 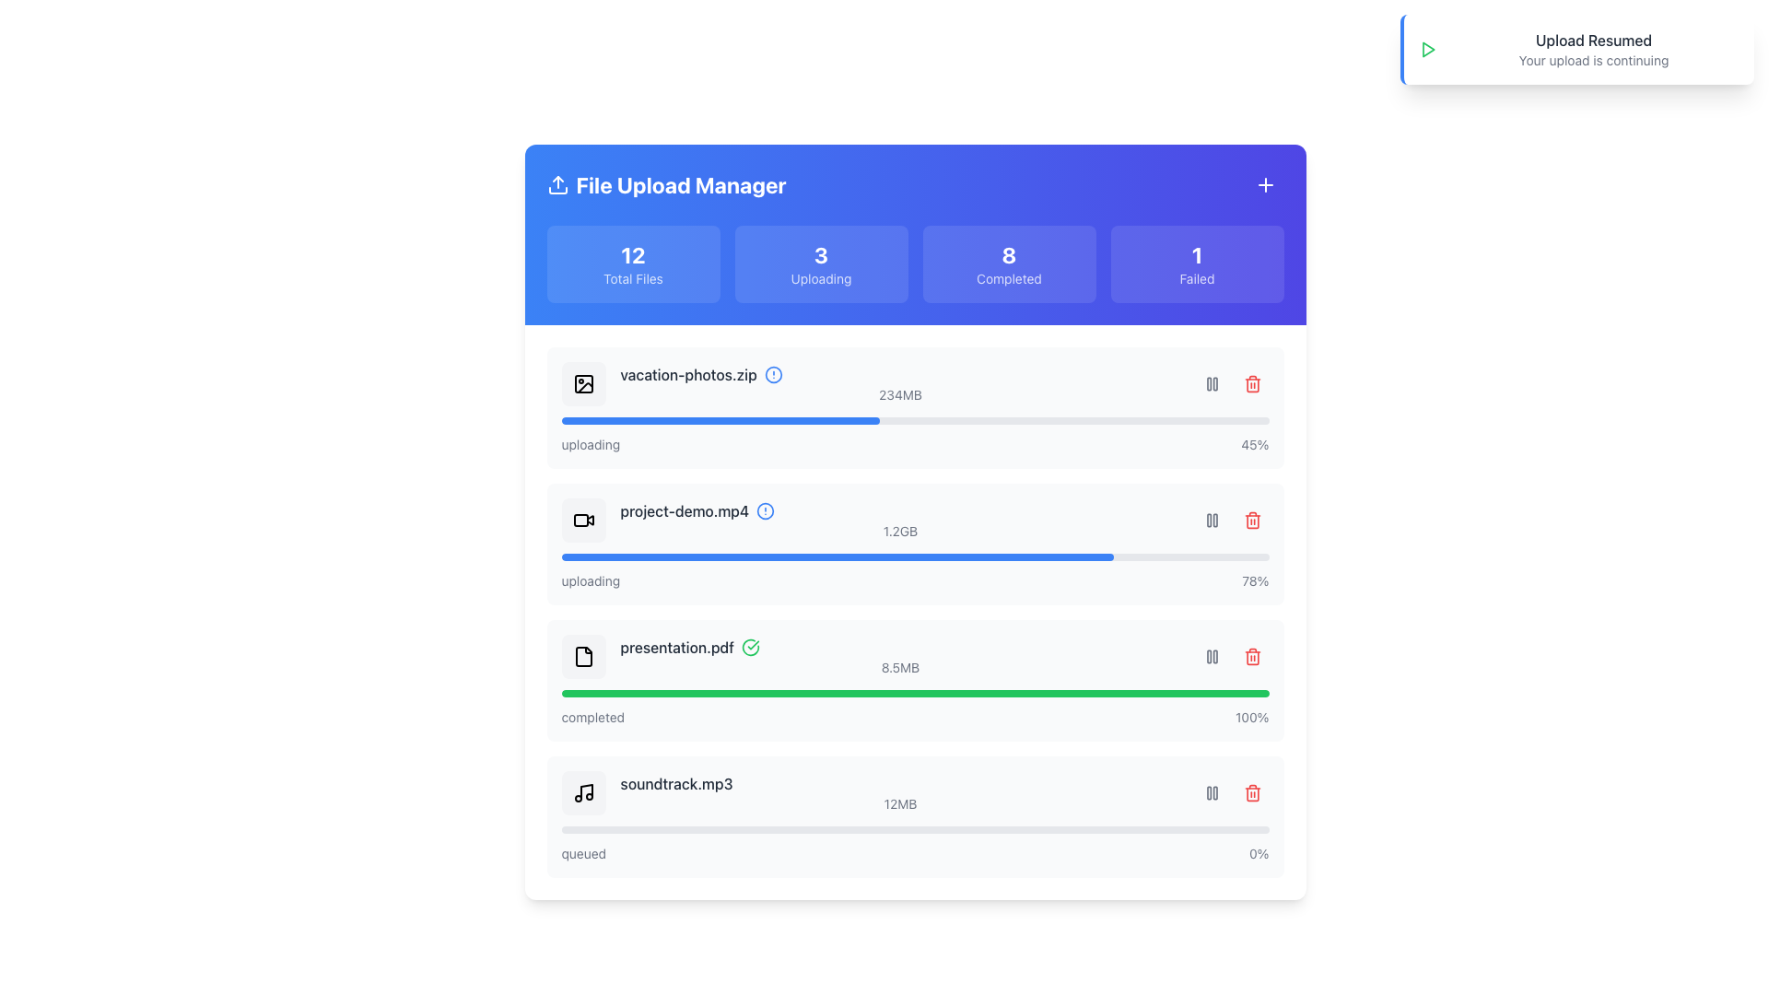 I want to click on text label element displaying 'Upload Resumed' in a notification box at the top-right corner of the interface, so click(x=1592, y=40).